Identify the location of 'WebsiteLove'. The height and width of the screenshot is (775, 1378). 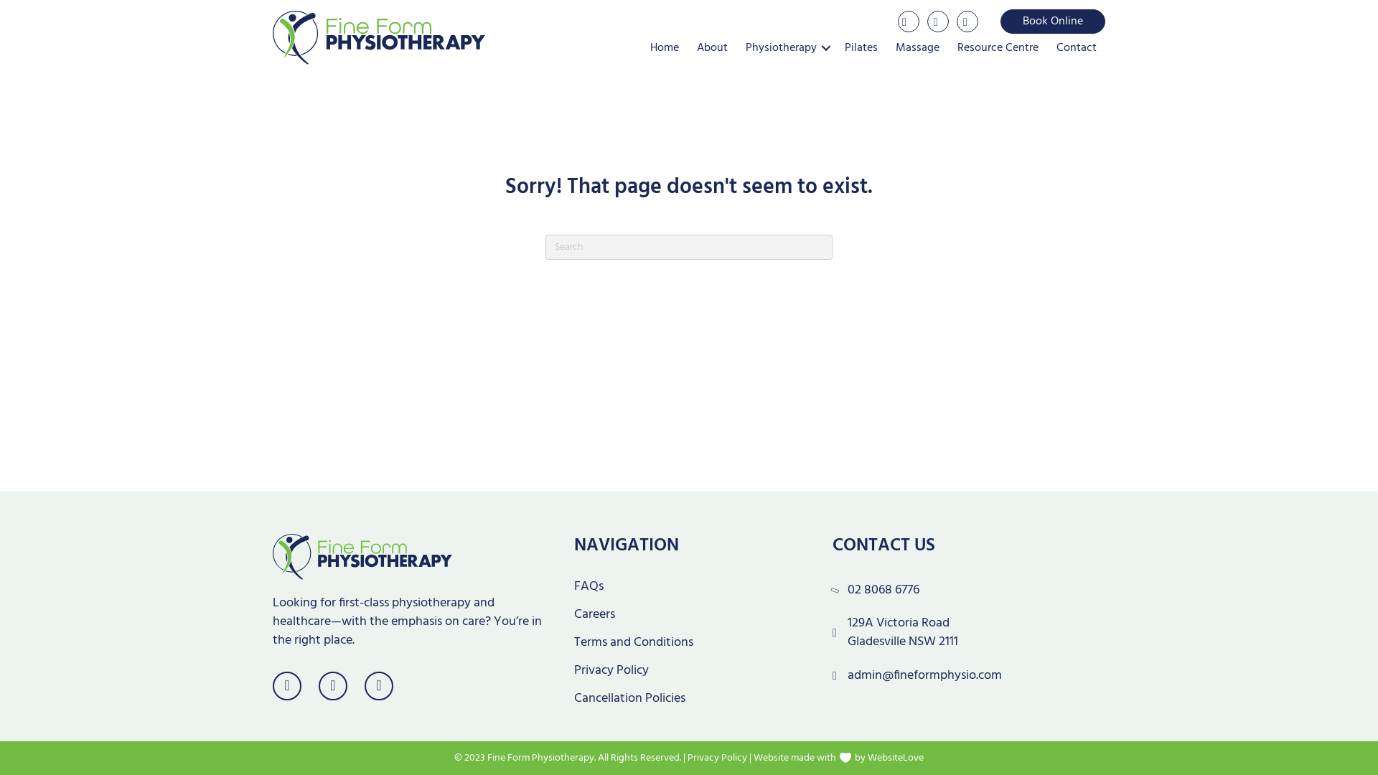
(895, 757).